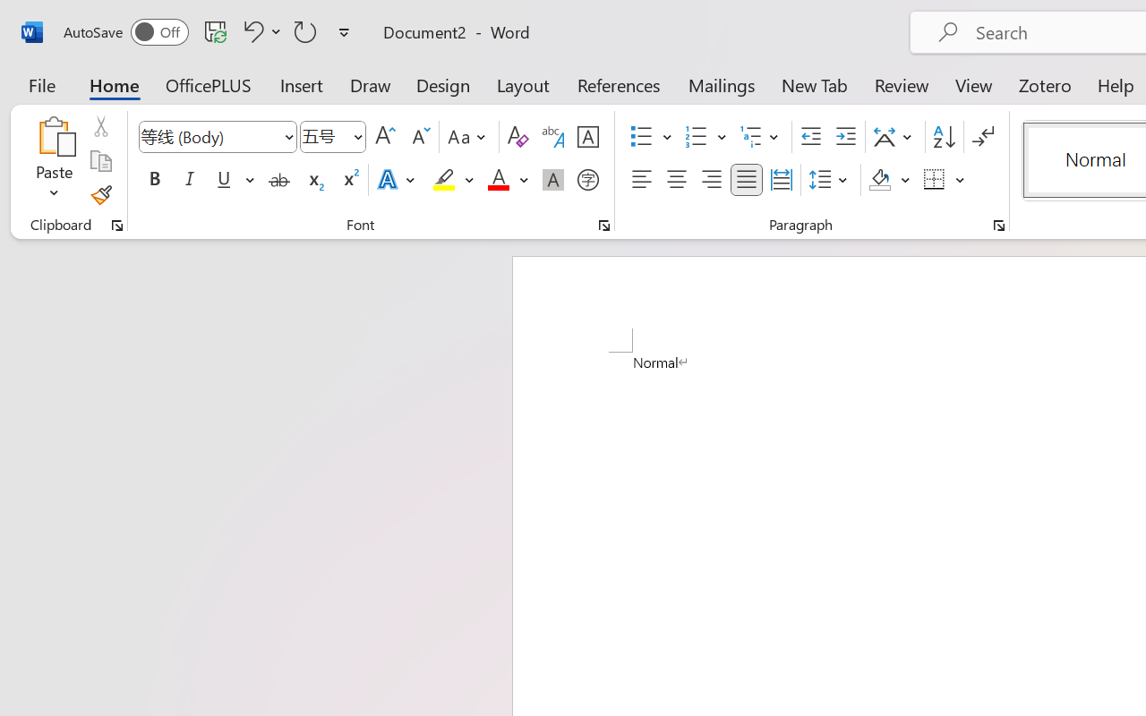 This screenshot has width=1146, height=716. I want to click on 'AutoSave', so click(124, 31).